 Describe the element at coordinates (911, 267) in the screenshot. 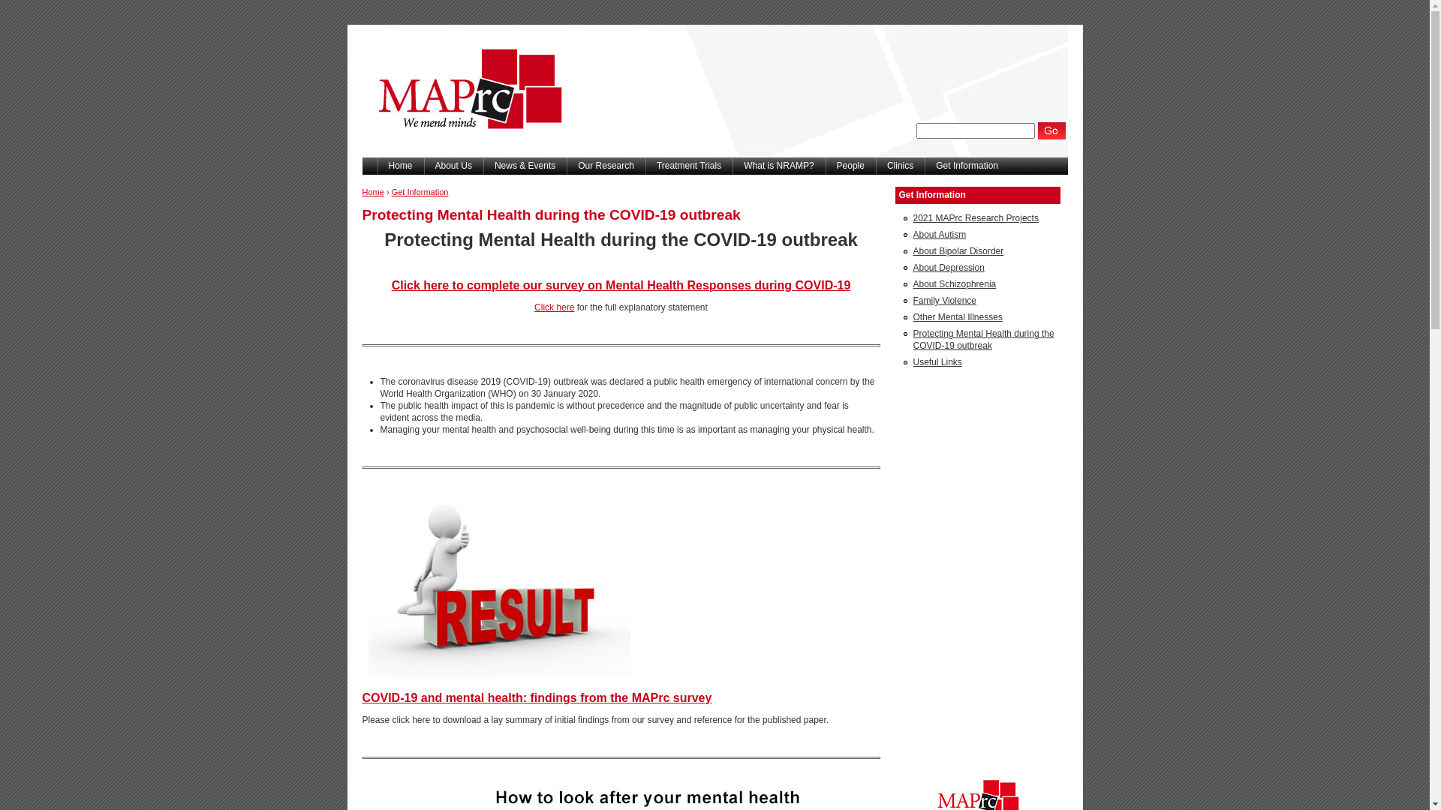

I see `'About Depression'` at that location.